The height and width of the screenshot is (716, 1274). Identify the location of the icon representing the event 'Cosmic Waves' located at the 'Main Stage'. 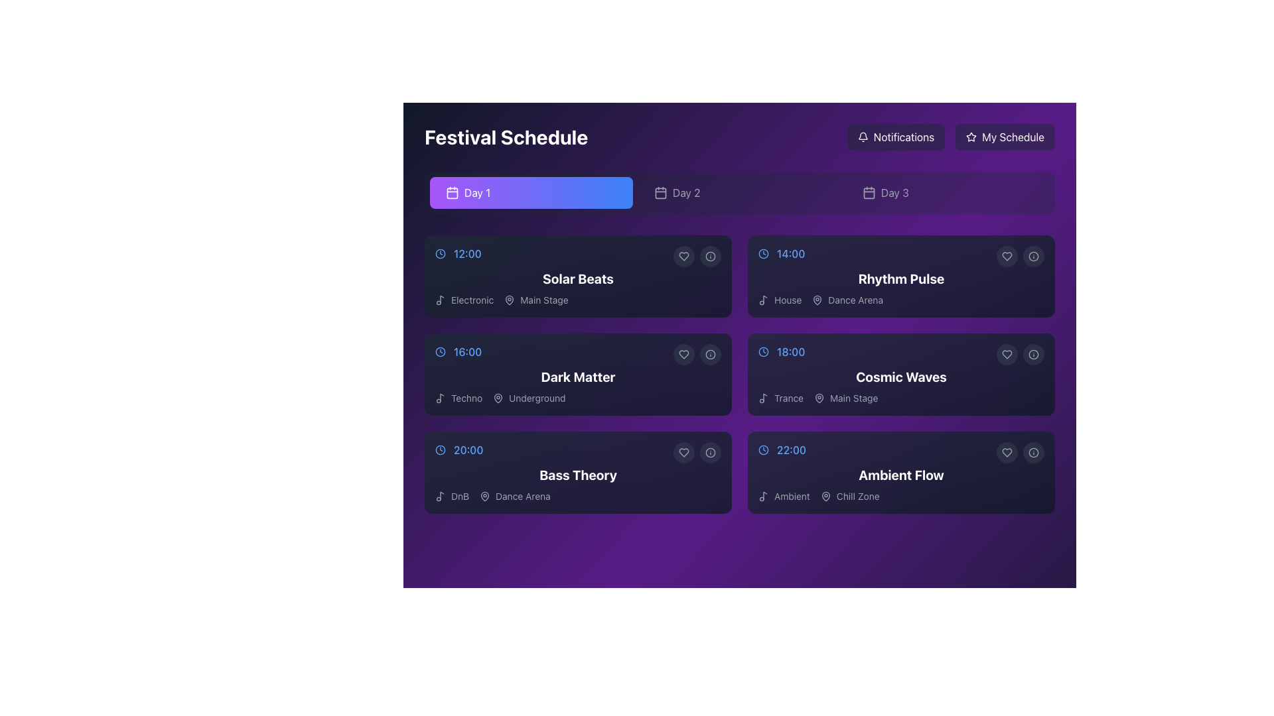
(818, 398).